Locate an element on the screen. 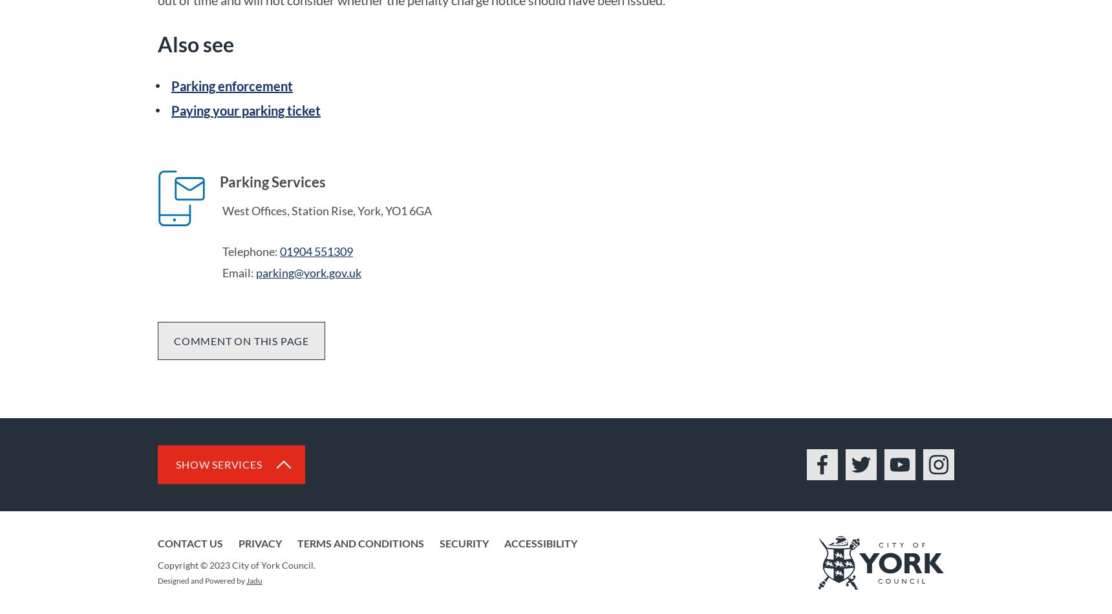 The image size is (1112, 614). 'West Offices, Station Rise, York, YO1 6GA' is located at coordinates (222, 209).